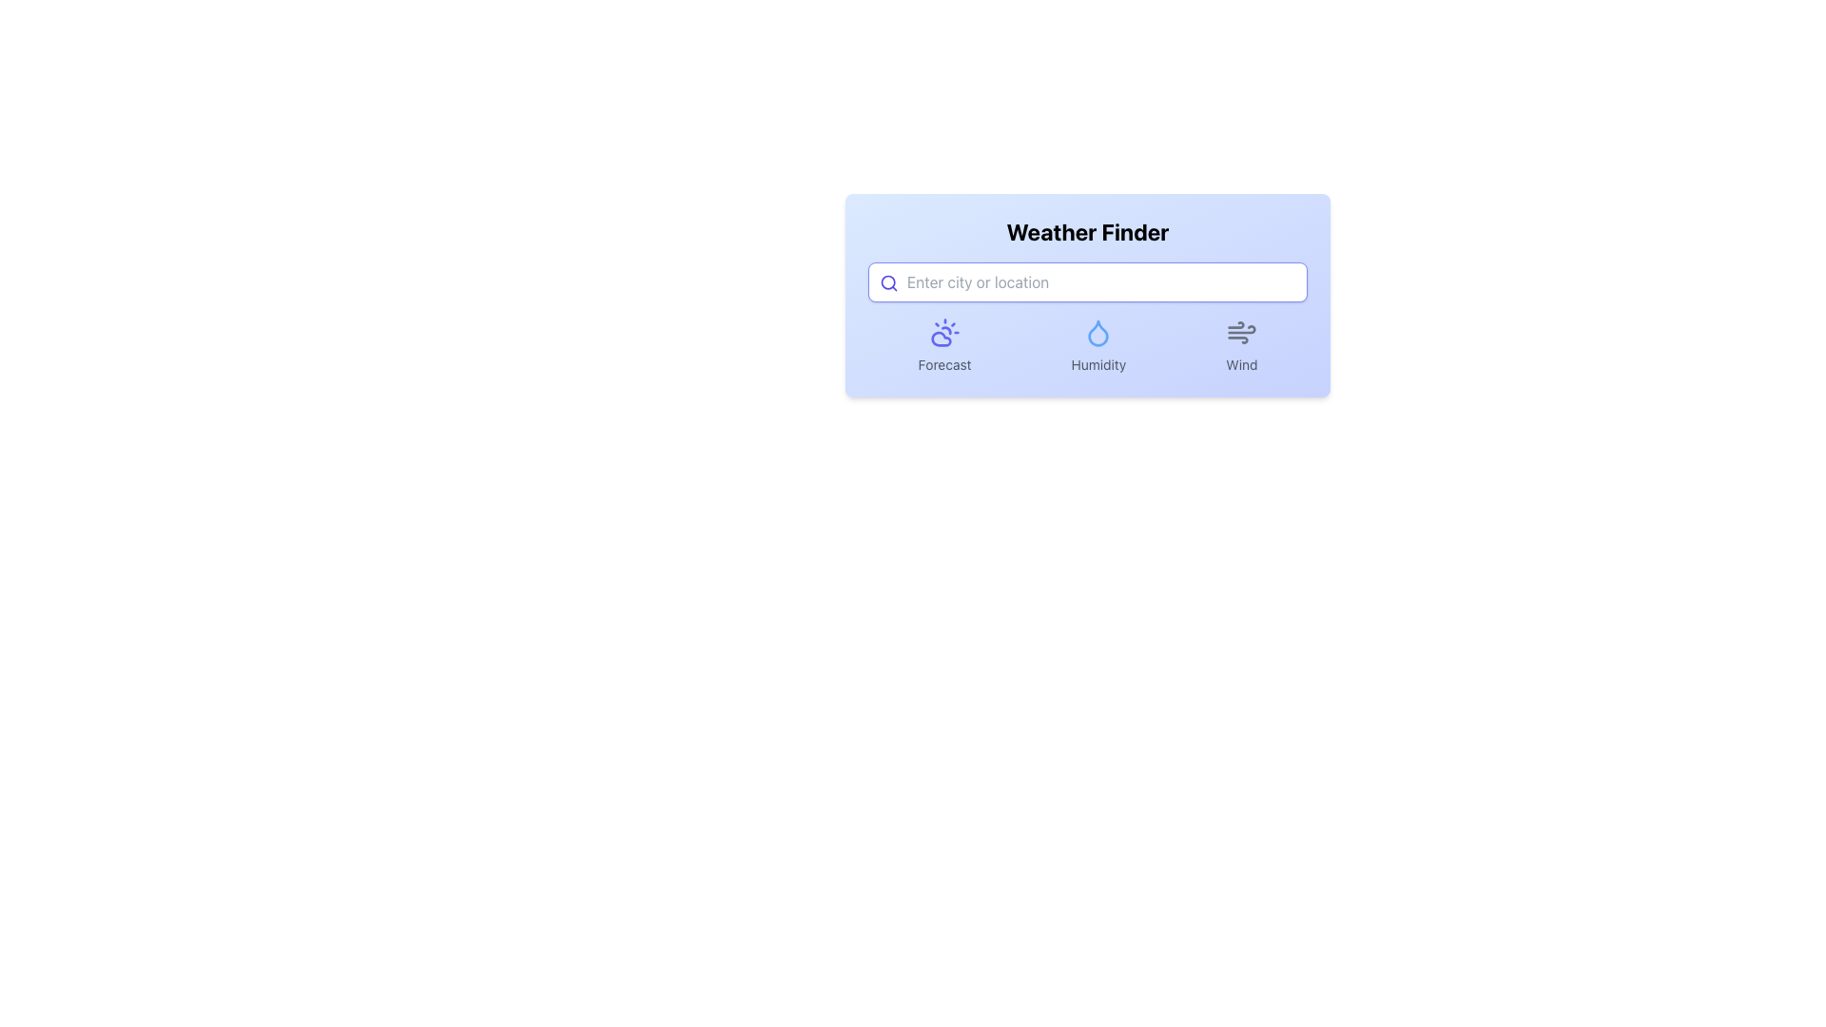 The height and width of the screenshot is (1027, 1826). Describe the element at coordinates (888, 282) in the screenshot. I see `the search icon located at the top left corner of the input field before the placeholder text 'Enter city or location' in the Weather Finder interface` at that location.